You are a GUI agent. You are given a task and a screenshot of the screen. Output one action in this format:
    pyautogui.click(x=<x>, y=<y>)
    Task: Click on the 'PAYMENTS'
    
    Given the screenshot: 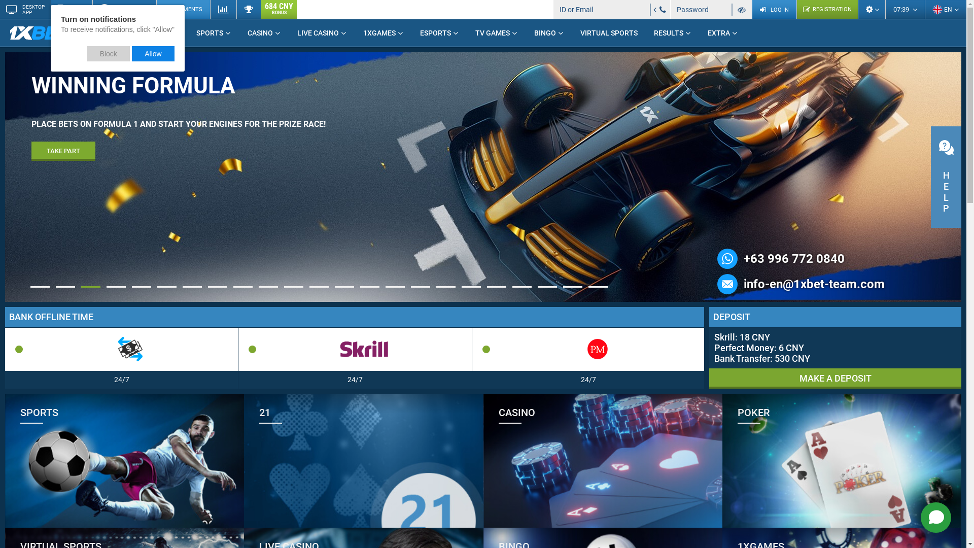 What is the action you would take?
    pyautogui.click(x=183, y=9)
    